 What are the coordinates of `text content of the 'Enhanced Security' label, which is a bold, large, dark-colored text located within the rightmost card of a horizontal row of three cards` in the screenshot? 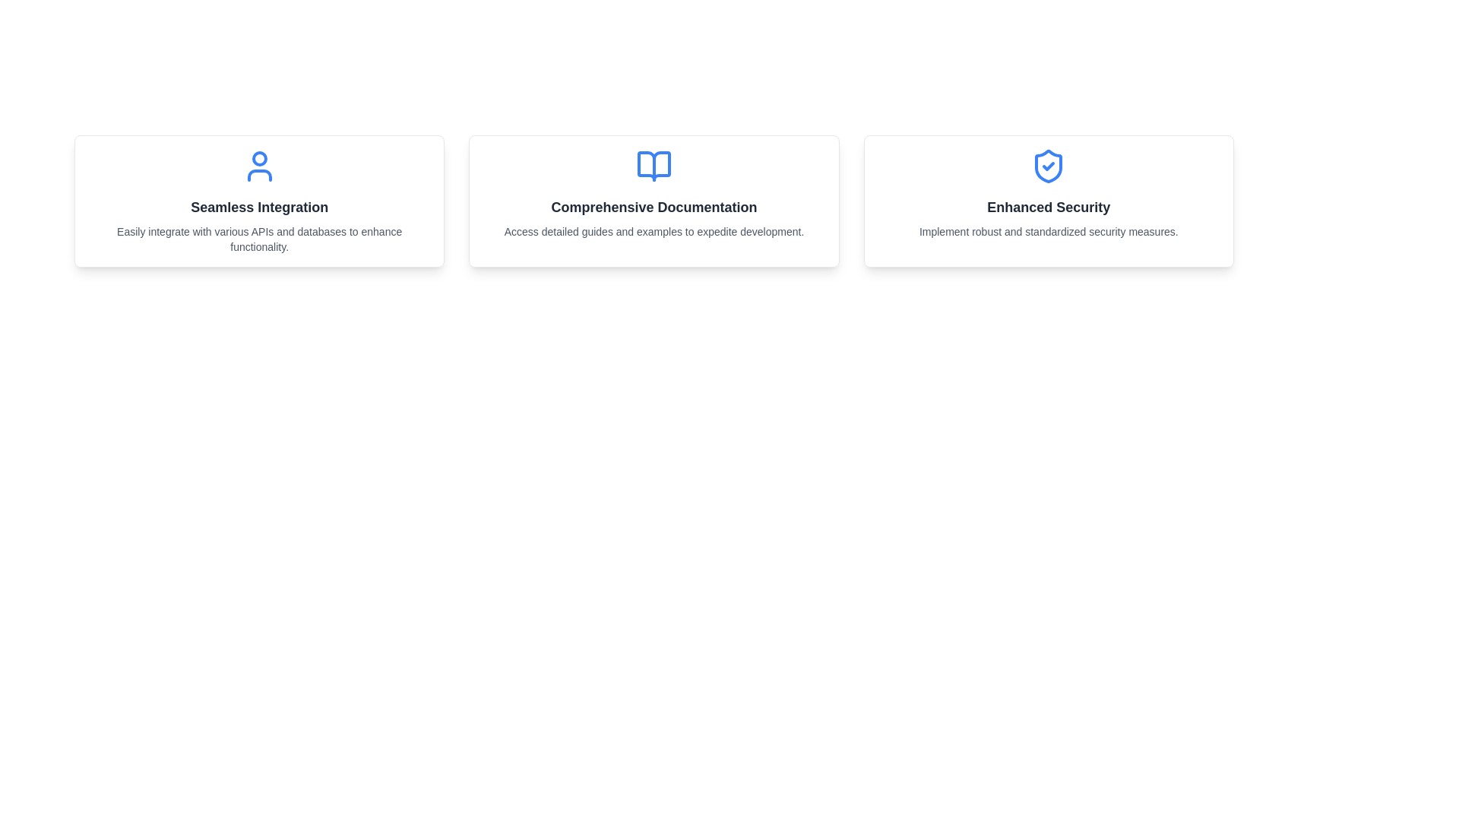 It's located at (1048, 208).